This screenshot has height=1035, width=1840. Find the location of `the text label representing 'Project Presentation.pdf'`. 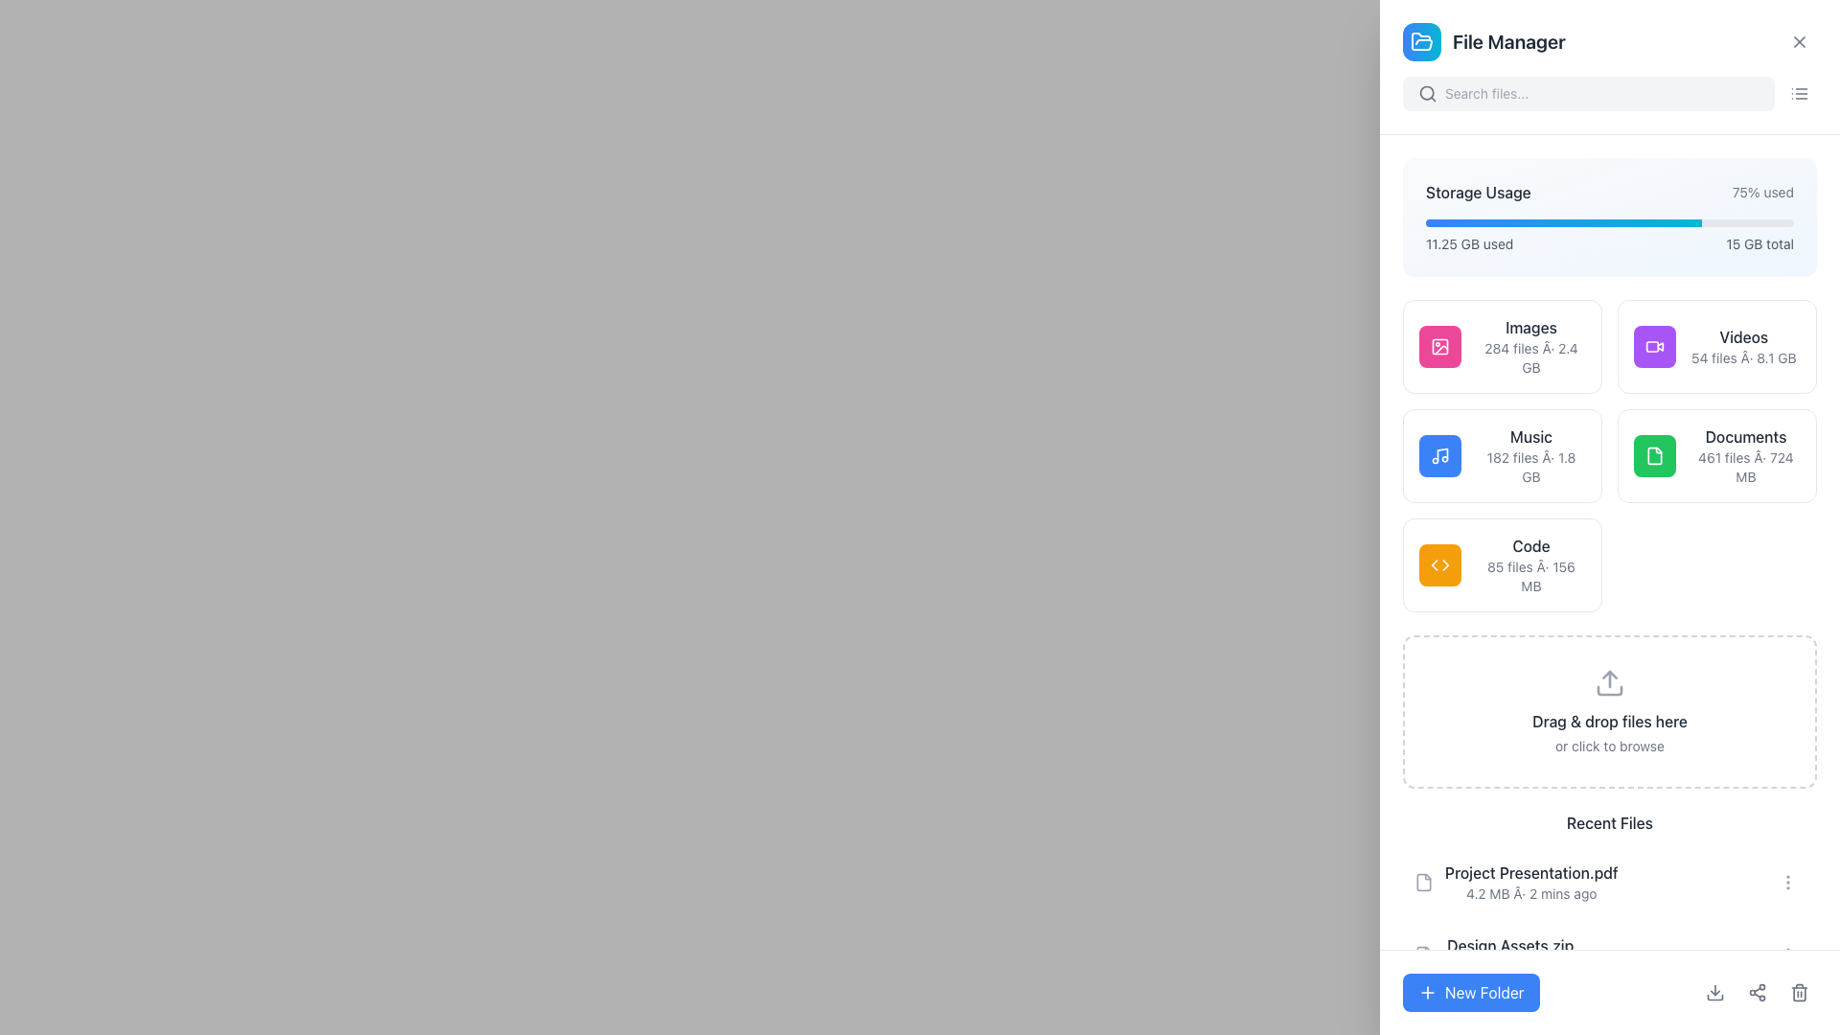

the text label representing 'Project Presentation.pdf' is located at coordinates (1530, 872).